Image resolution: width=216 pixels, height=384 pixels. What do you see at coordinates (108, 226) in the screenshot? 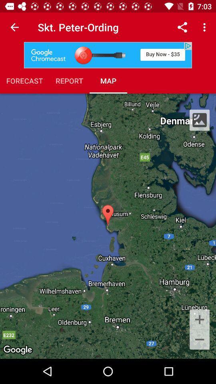
I see `item at the center` at bounding box center [108, 226].